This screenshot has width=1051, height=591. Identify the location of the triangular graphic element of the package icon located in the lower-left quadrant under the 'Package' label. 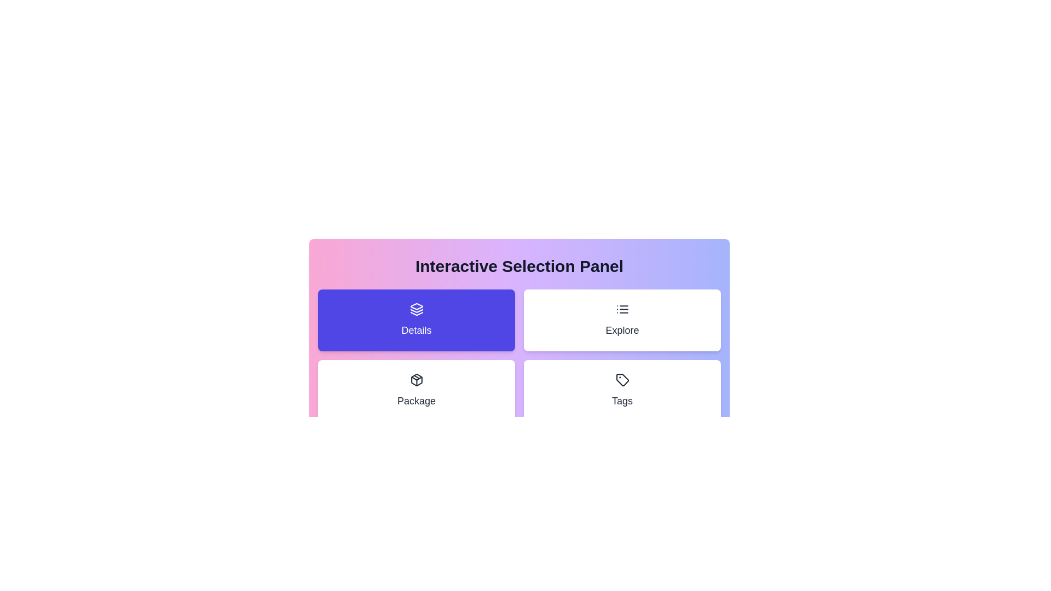
(416, 377).